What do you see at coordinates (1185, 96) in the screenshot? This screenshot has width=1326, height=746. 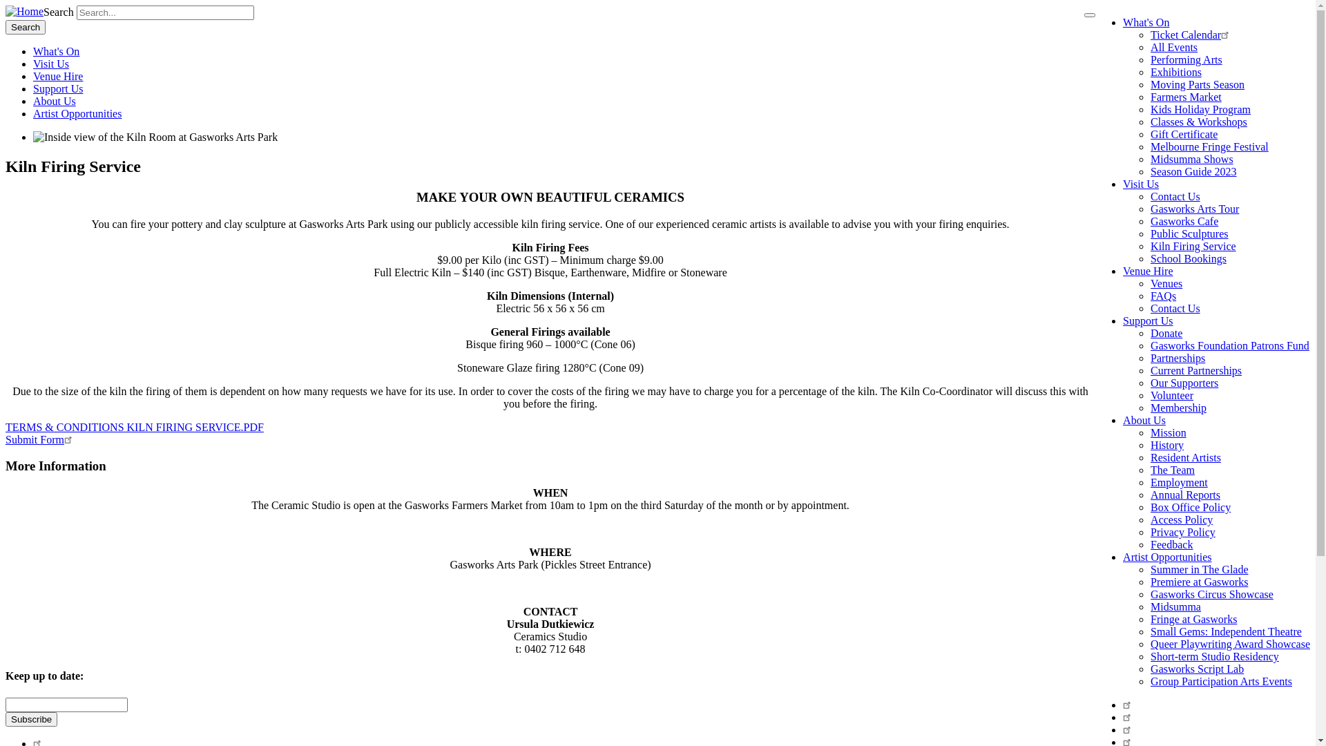 I see `'Farmers Market'` at bounding box center [1185, 96].